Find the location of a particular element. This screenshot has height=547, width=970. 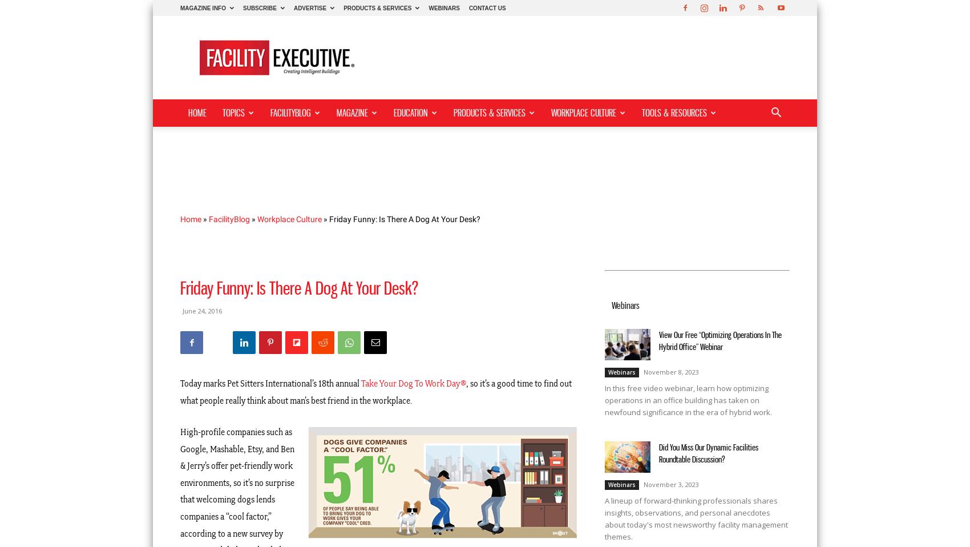

'Today marks Pet Sitters International’s 18th annual' is located at coordinates (270, 383).